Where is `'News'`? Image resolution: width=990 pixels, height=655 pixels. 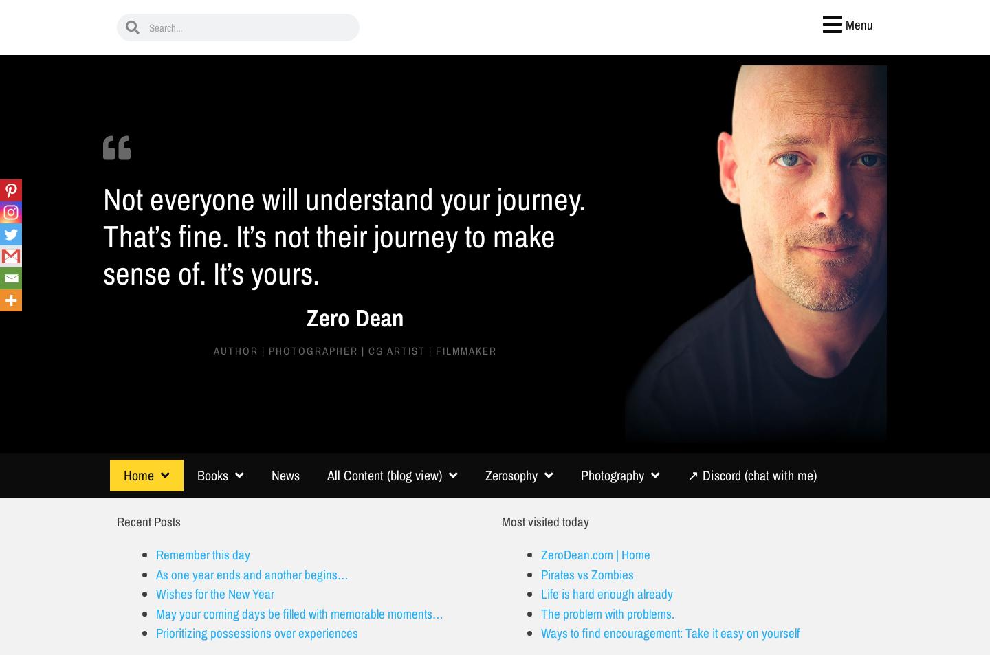 'News' is located at coordinates (285, 474).